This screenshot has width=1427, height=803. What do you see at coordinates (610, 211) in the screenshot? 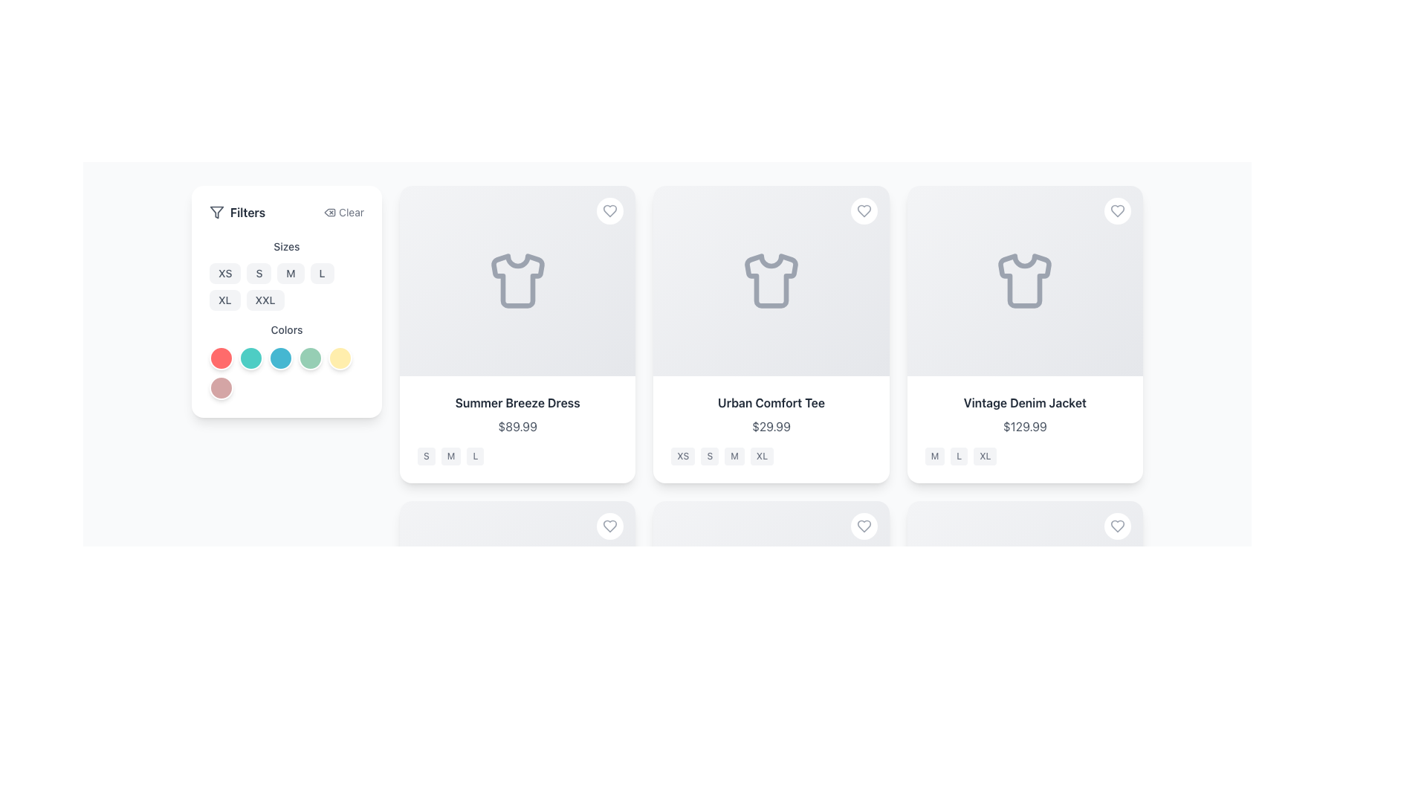
I see `the 'favorite' or 'like' button located in the top-right corner of the 'Summer Breeze Dress' product card` at bounding box center [610, 211].